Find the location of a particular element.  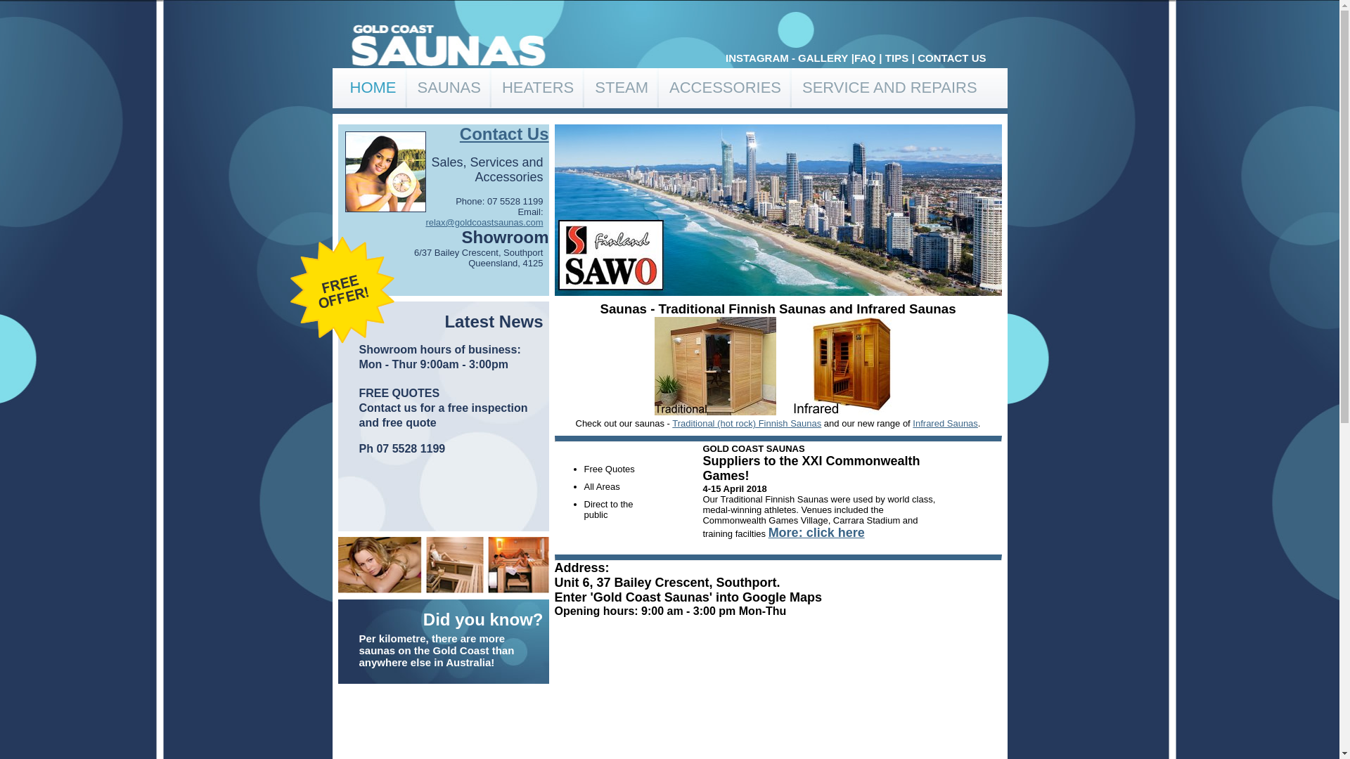

'INSTAGRAM - GALLERY' is located at coordinates (785, 57).